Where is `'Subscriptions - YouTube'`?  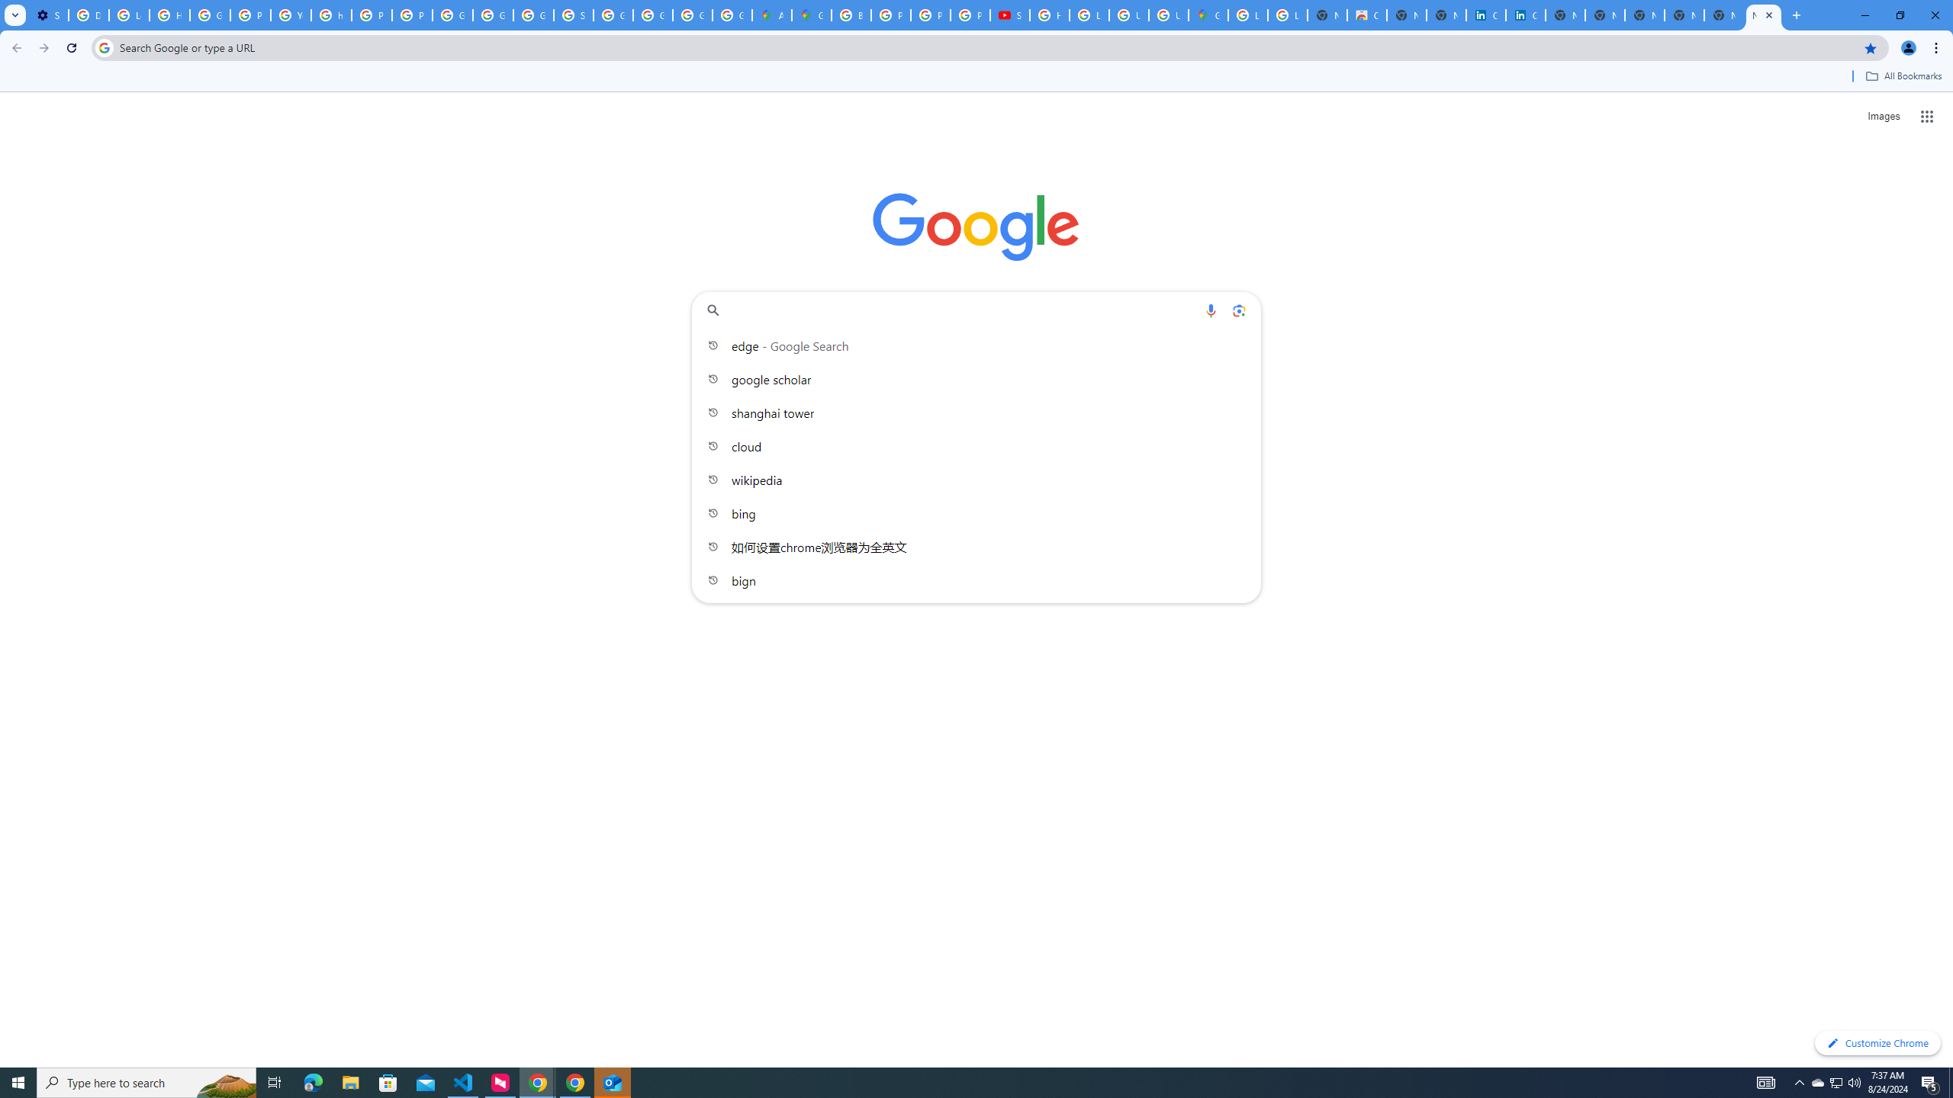 'Subscriptions - YouTube' is located at coordinates (1010, 14).